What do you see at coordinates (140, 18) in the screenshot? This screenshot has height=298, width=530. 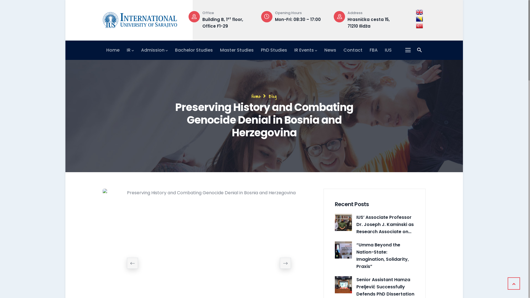 I see `'Home'` at bounding box center [140, 18].